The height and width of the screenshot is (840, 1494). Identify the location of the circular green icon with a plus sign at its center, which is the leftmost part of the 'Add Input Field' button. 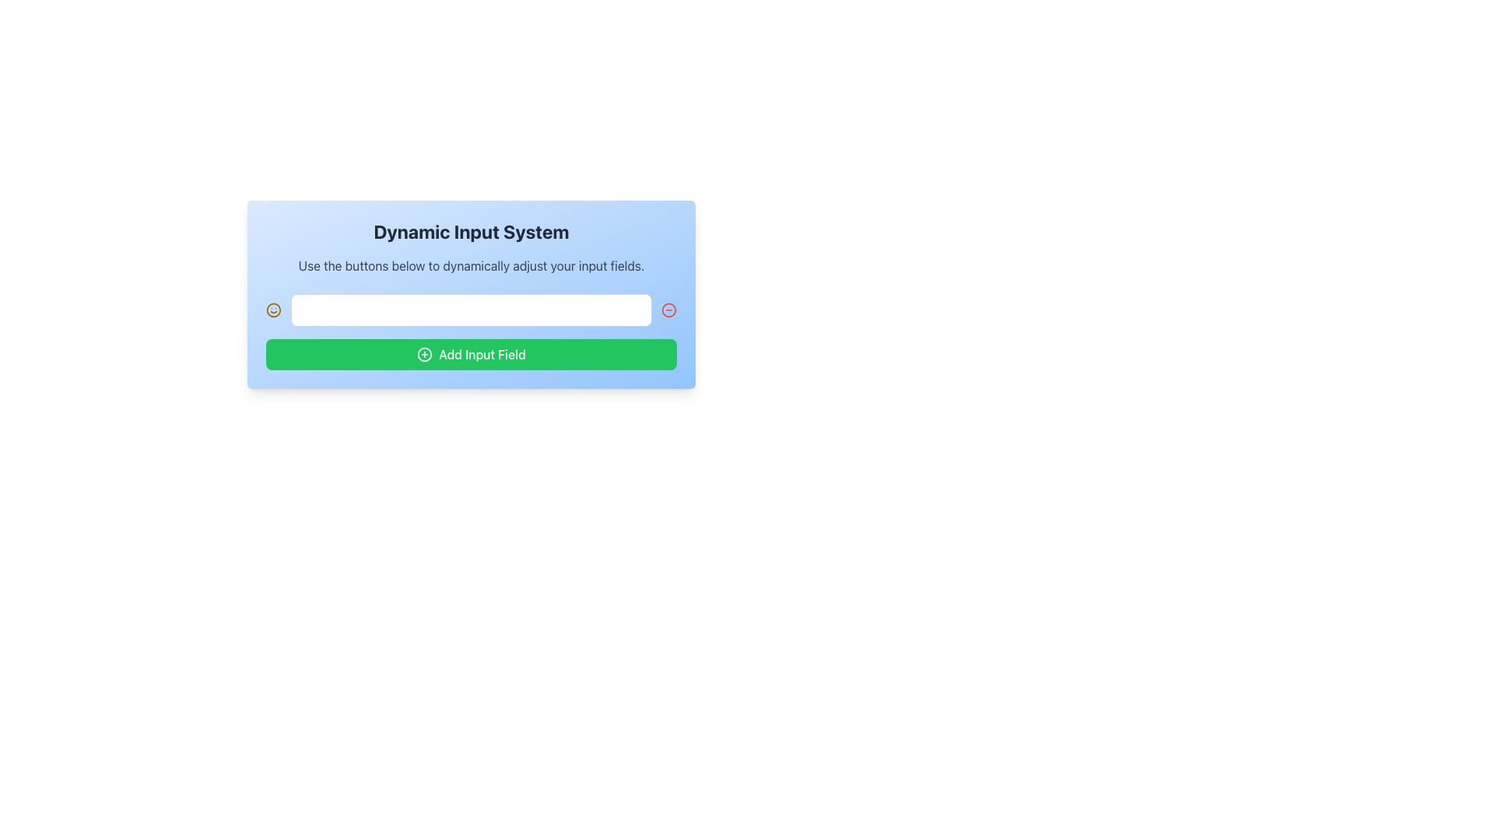
(425, 354).